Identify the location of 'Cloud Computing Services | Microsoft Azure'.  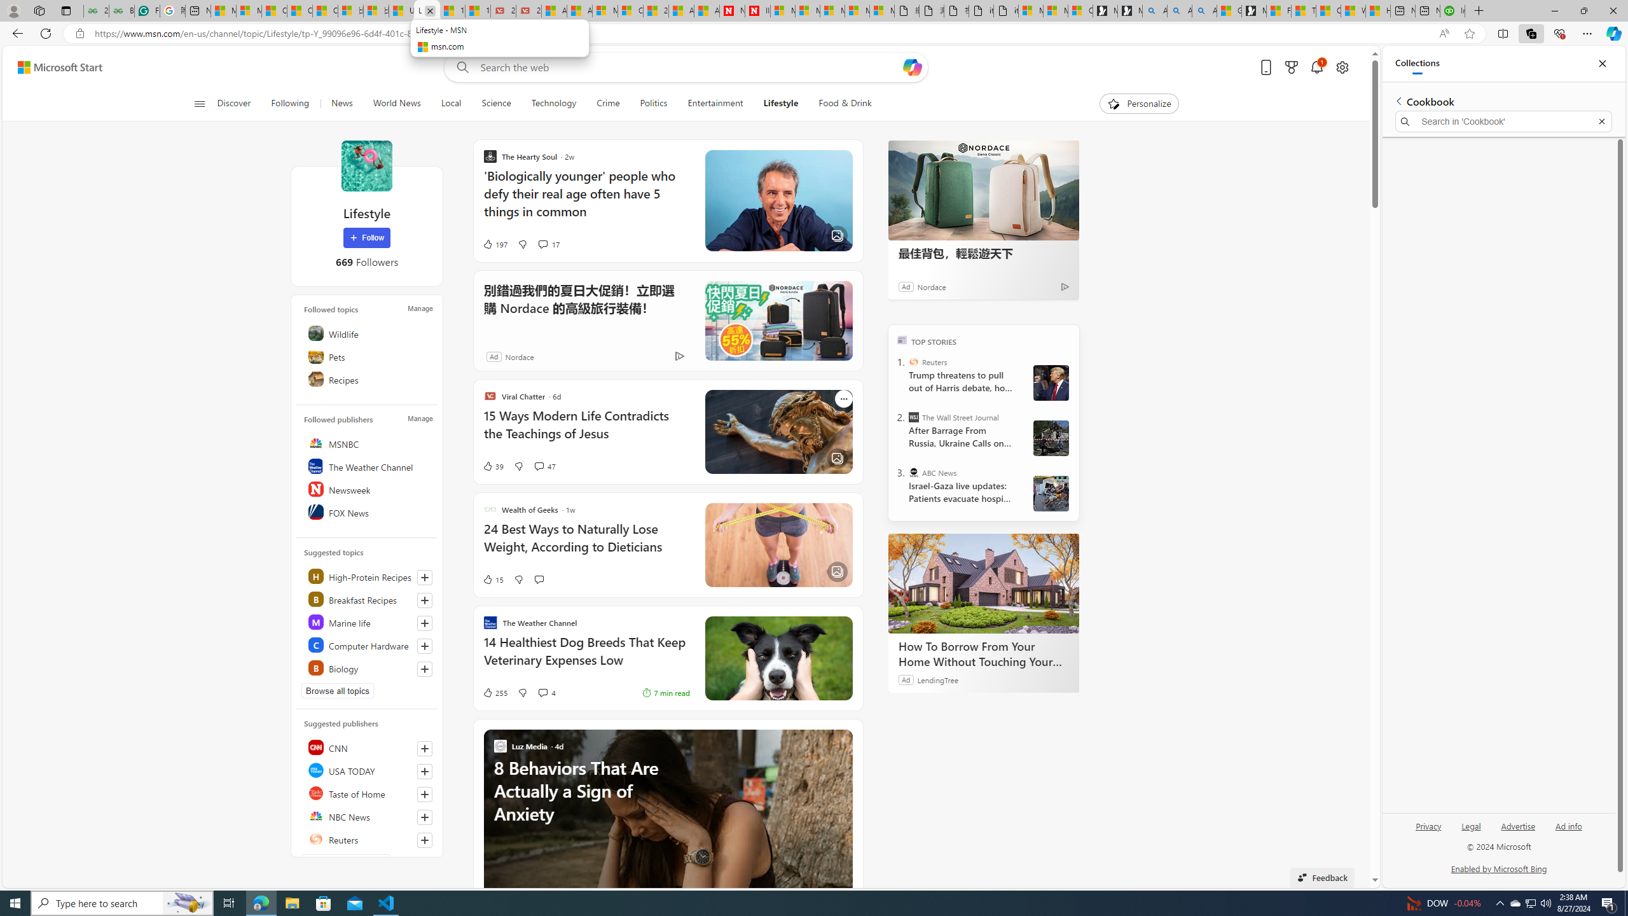
(630, 10).